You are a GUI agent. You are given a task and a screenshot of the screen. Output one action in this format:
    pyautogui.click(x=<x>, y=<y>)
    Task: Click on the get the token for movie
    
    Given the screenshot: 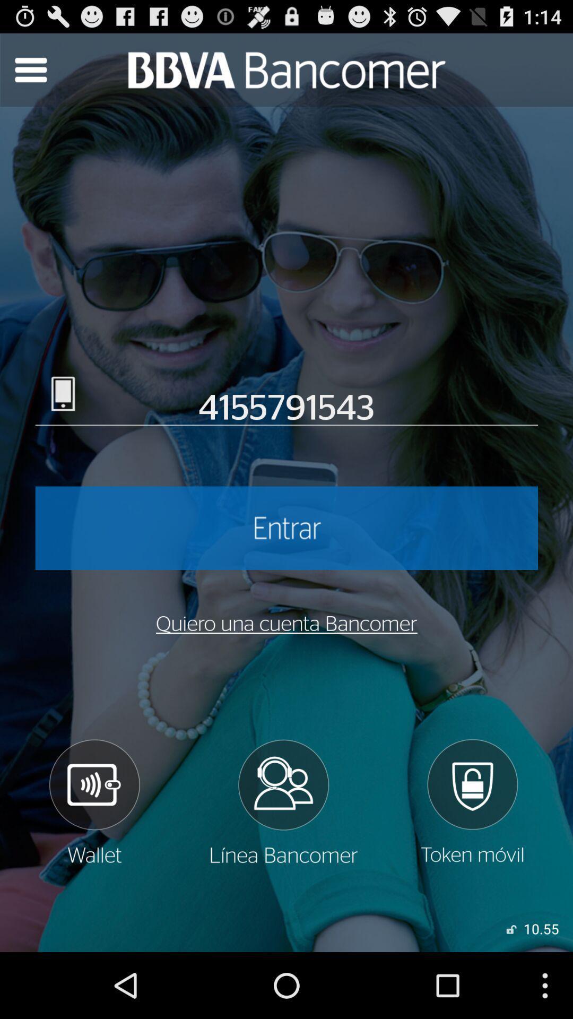 What is the action you would take?
    pyautogui.click(x=472, y=802)
    